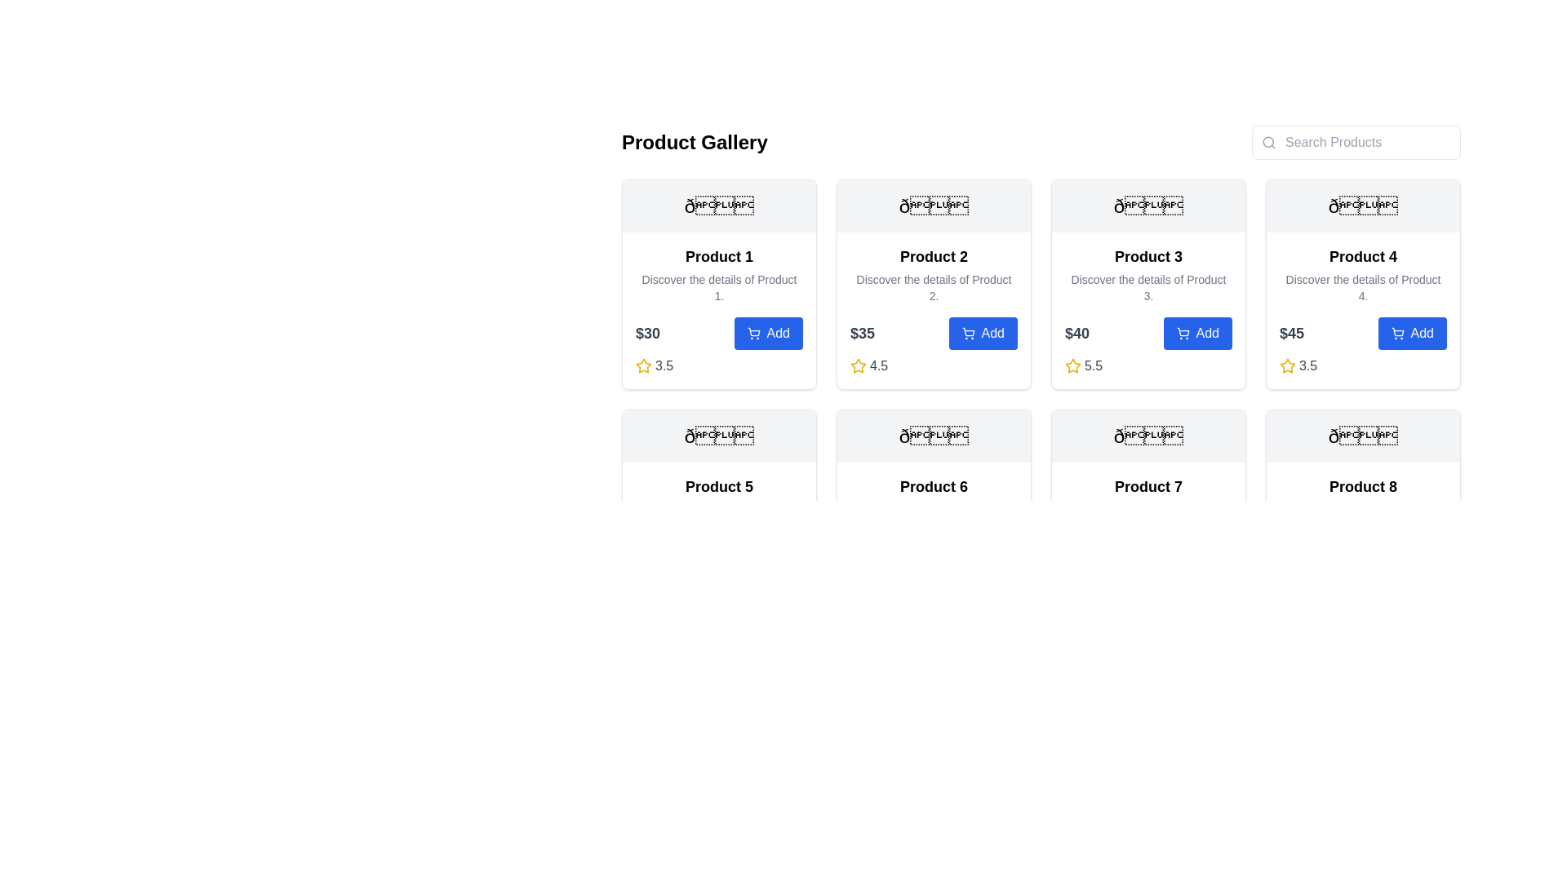  I want to click on the shopping cart icon embedded within the blue 'Add' button of 'Product 2', so click(968, 332).